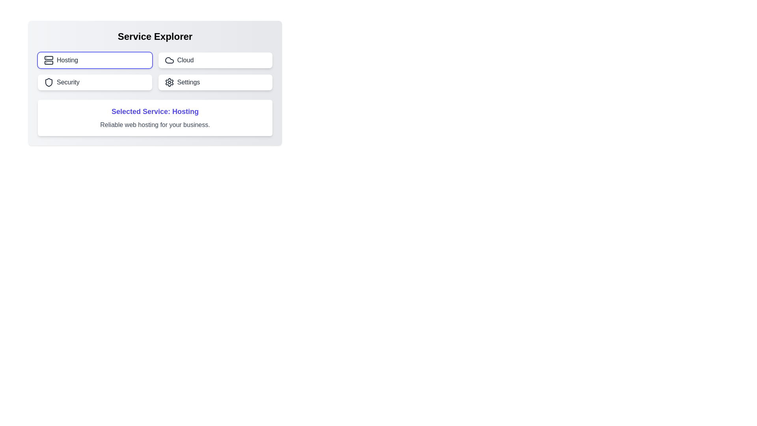  I want to click on the Text Display element that shows the currently selected service 'Hosting' for visual confirmation of the selection, so click(155, 111).